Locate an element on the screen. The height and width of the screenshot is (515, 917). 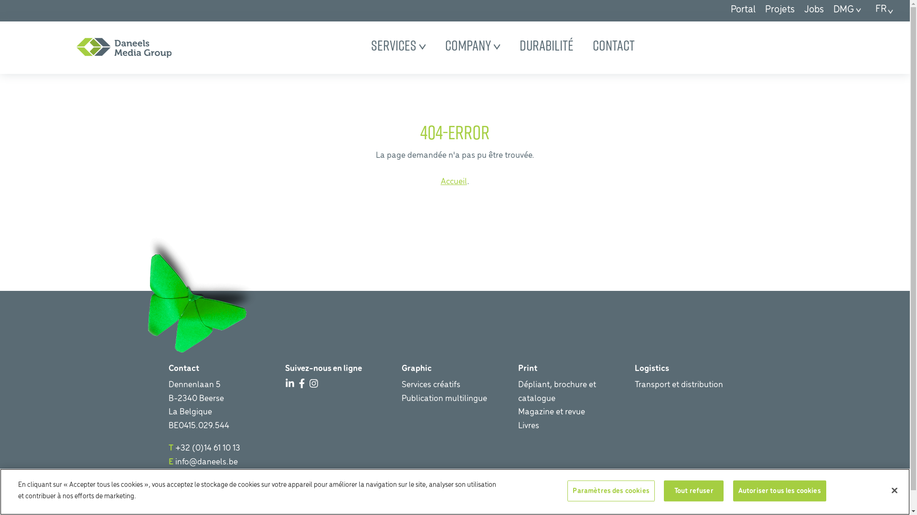
'Autoriser tous les cookies' is located at coordinates (779, 491).